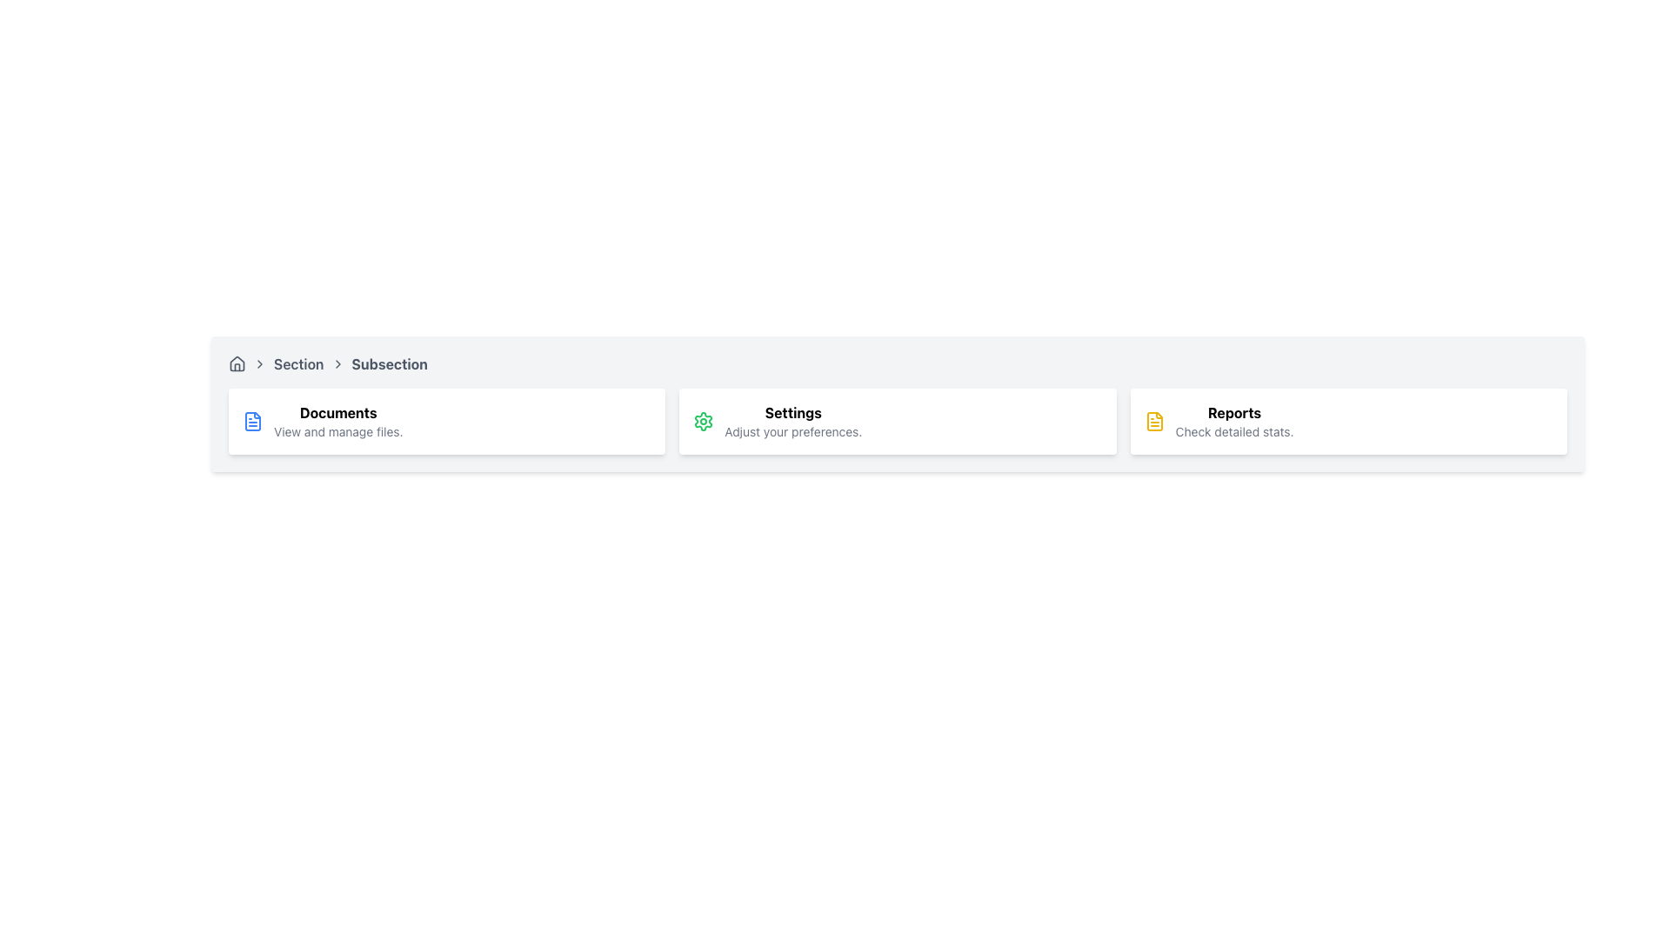 The height and width of the screenshot is (939, 1670). I want to click on the static text label indicating the current subsection of the navigation hierarchy, which is positioned to the right of the text labeled 'Section' in the breadcrumb navigation, so click(389, 363).